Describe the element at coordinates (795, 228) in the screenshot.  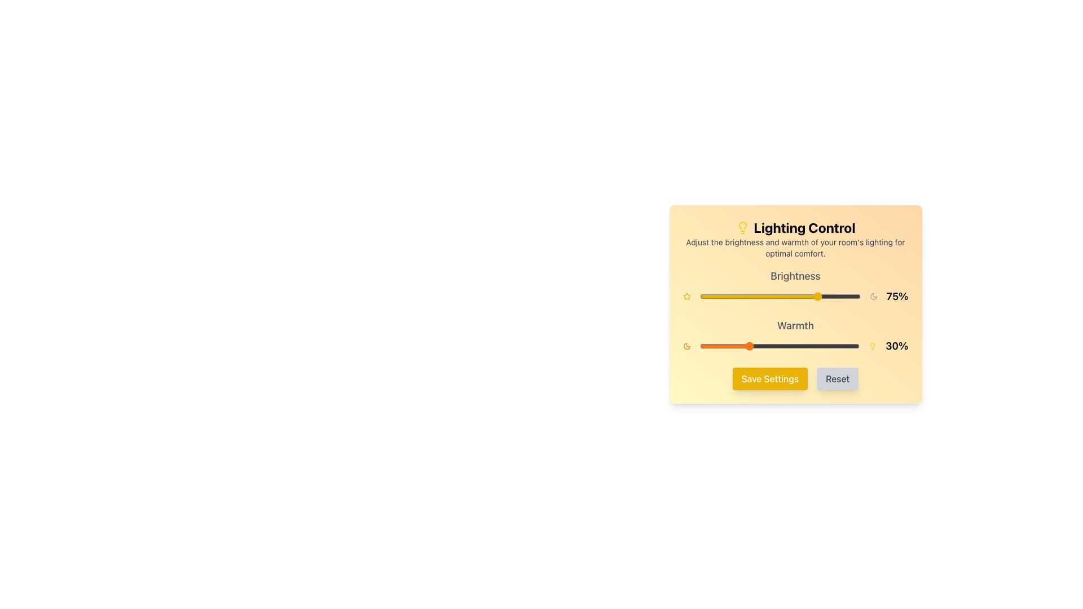
I see `text from the Text Header that displays 'Lighting Control' with a lightbulb icon, positioned at the center-right of the page` at that location.